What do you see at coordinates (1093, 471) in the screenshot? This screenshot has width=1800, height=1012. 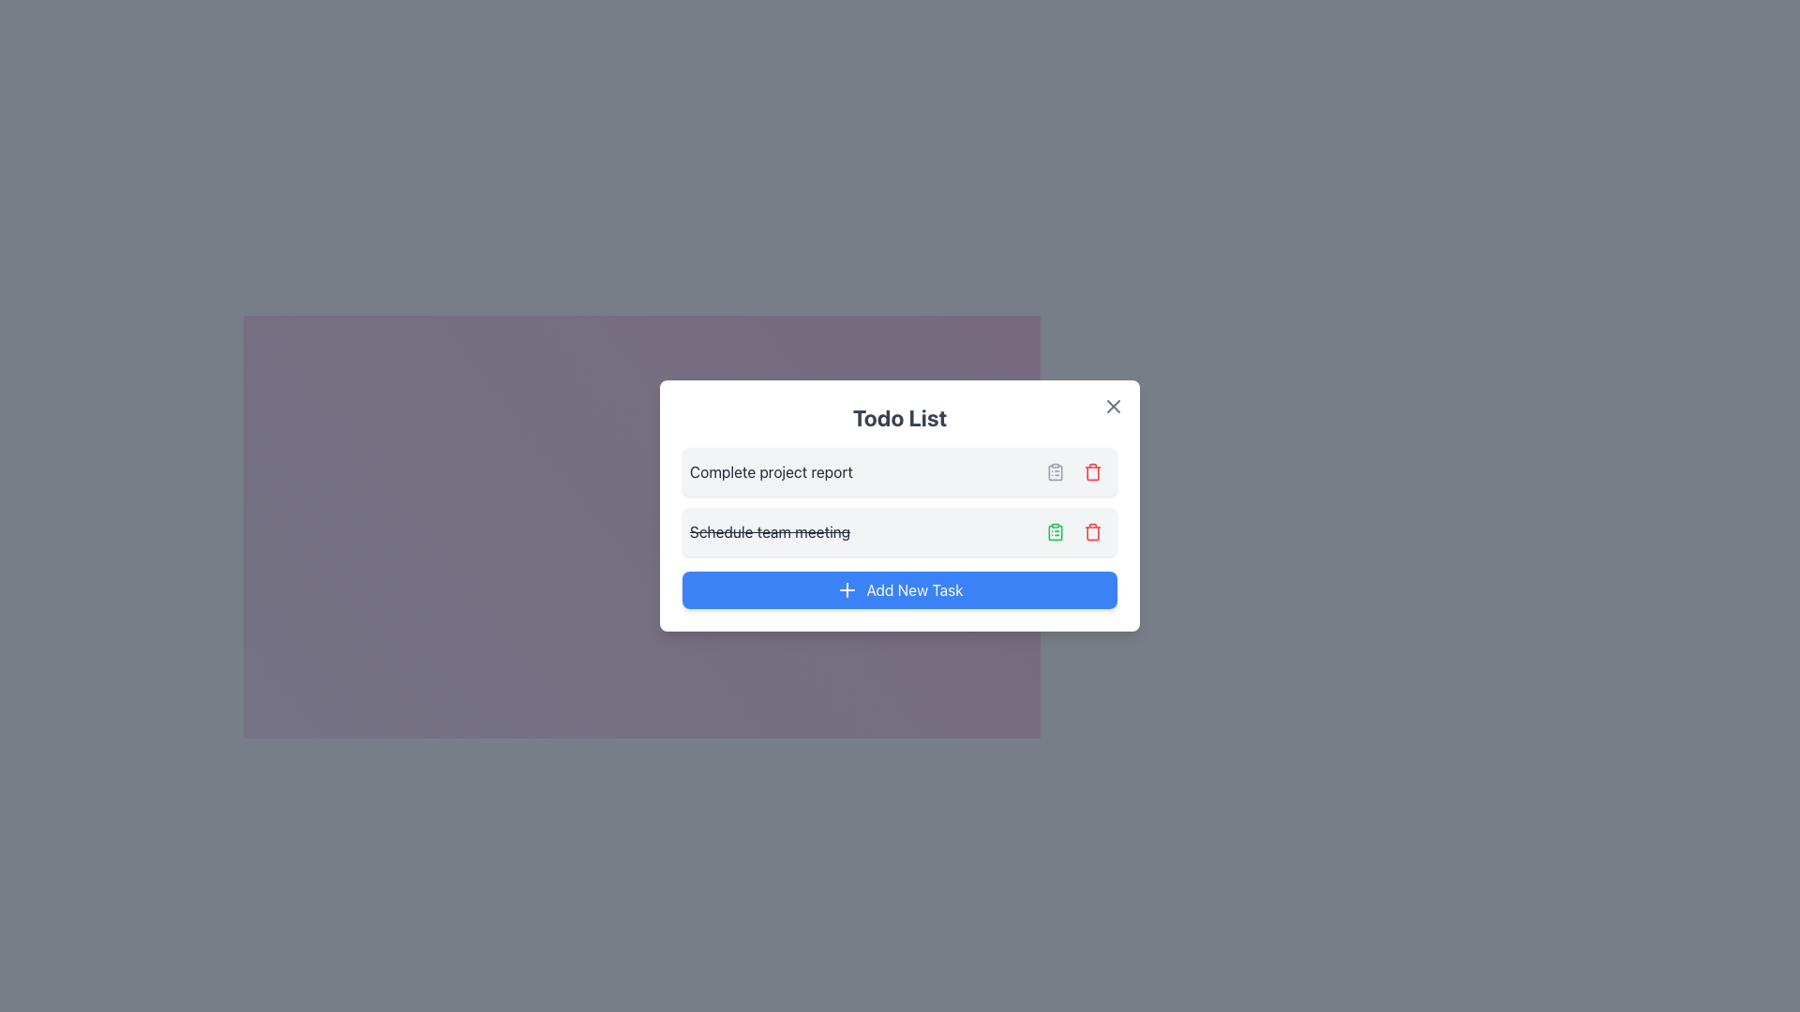 I see `the red trash can icon located in the second row of the task list interface, positioned to the far right of the row for 'Schedule team meeting'` at bounding box center [1093, 471].